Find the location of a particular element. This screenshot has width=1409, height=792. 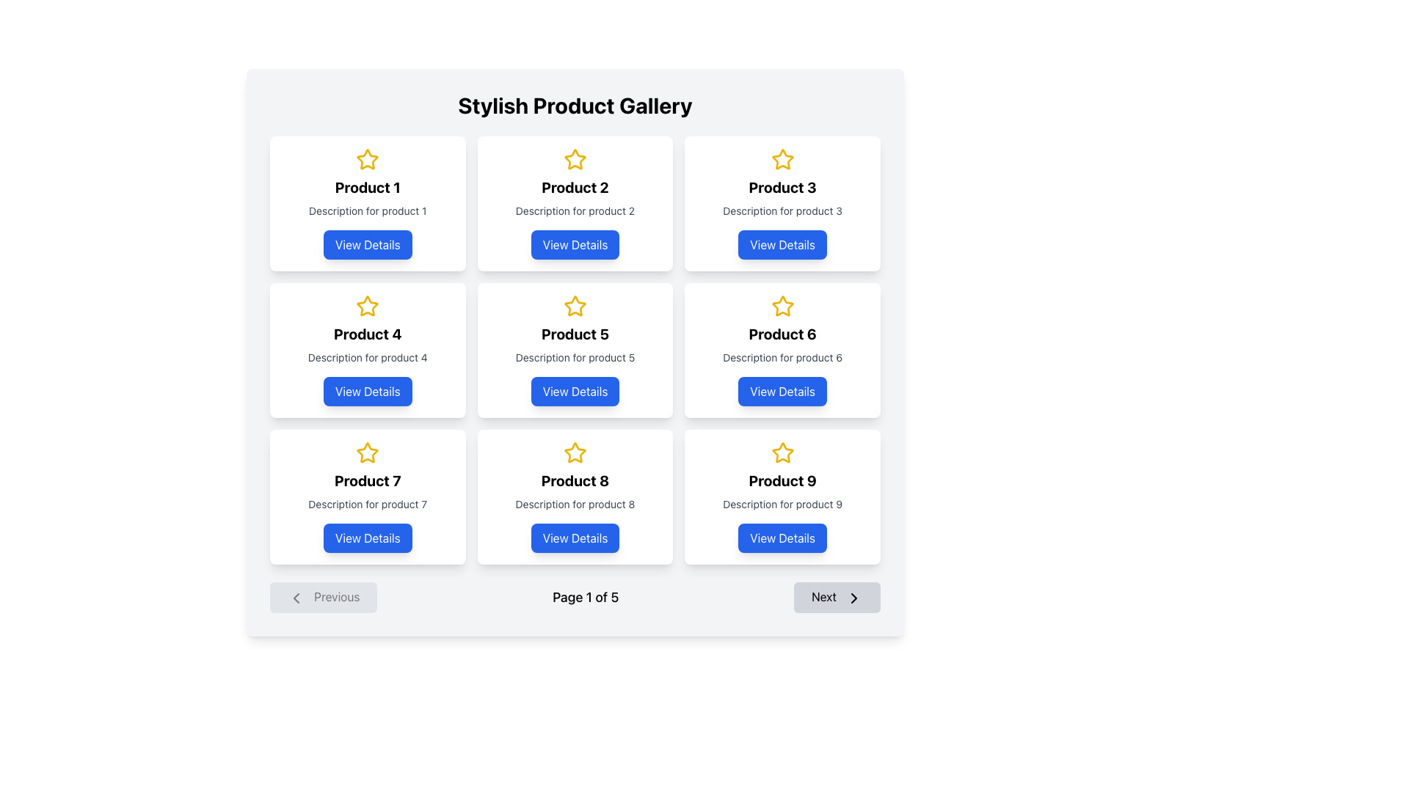

the text label that serves as the title for the product, located in the center of the card layout, below the yellow star icon and above the descriptive text is located at coordinates (574, 480).